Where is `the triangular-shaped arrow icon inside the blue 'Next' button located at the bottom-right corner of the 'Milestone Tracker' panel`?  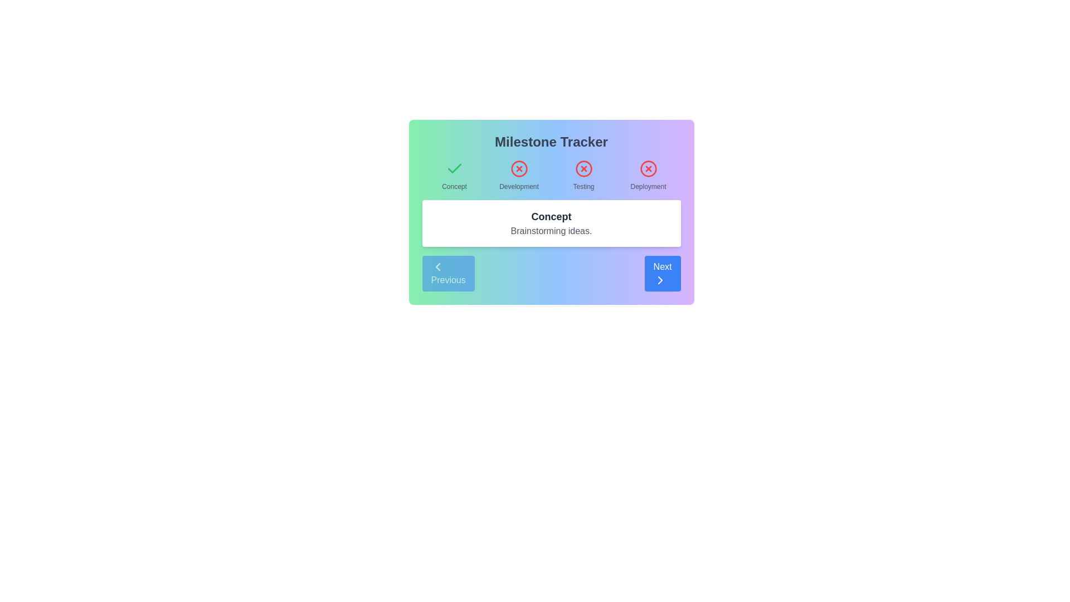
the triangular-shaped arrow icon inside the blue 'Next' button located at the bottom-right corner of the 'Milestone Tracker' panel is located at coordinates (660, 279).